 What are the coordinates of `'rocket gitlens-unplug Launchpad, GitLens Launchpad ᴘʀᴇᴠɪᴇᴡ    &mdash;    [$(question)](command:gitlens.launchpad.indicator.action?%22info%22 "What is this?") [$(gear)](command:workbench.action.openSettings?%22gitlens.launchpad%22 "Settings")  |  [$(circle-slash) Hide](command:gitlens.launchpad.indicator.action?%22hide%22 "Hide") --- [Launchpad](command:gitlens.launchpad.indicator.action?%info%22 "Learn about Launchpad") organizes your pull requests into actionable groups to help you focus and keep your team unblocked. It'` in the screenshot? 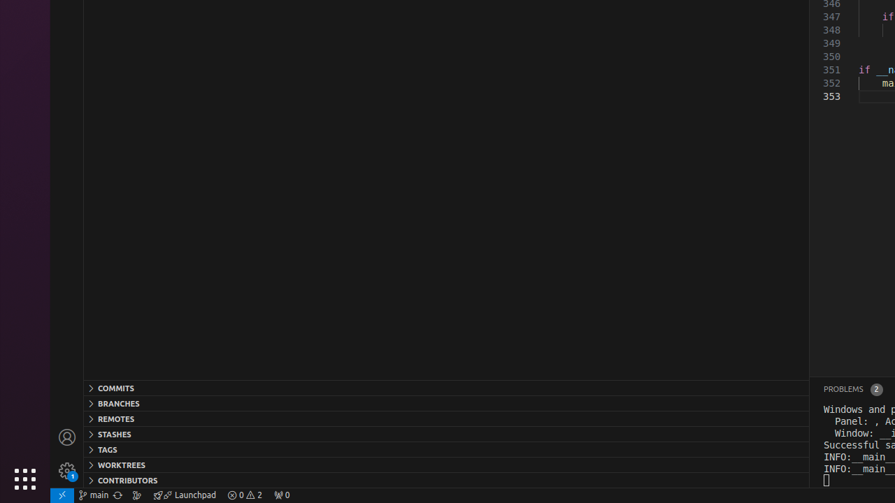 It's located at (184, 494).